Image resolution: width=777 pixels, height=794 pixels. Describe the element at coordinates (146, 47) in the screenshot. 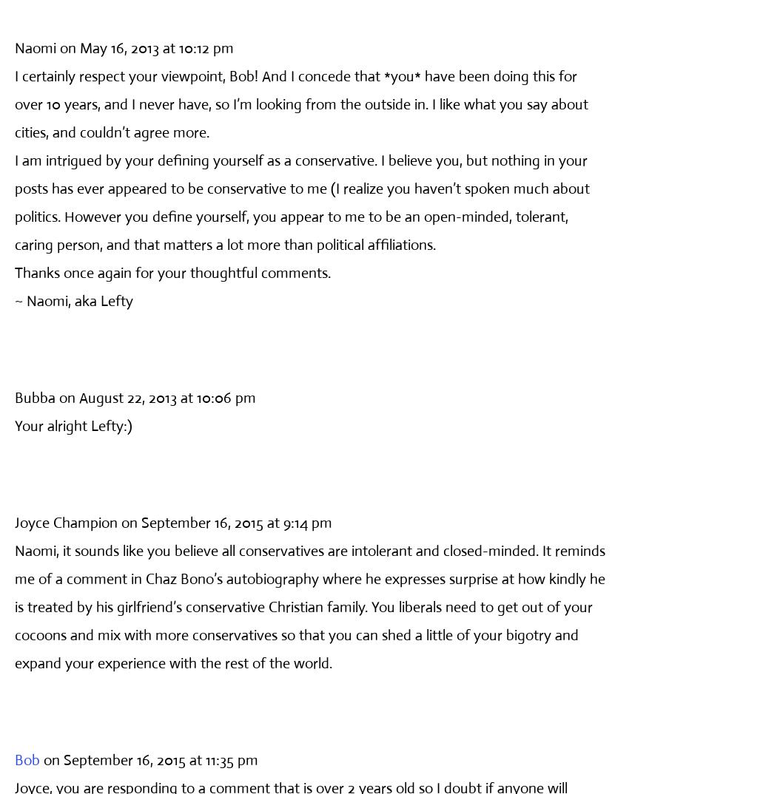

I see `'on May 16, 2013 at 10:12 pm'` at that location.